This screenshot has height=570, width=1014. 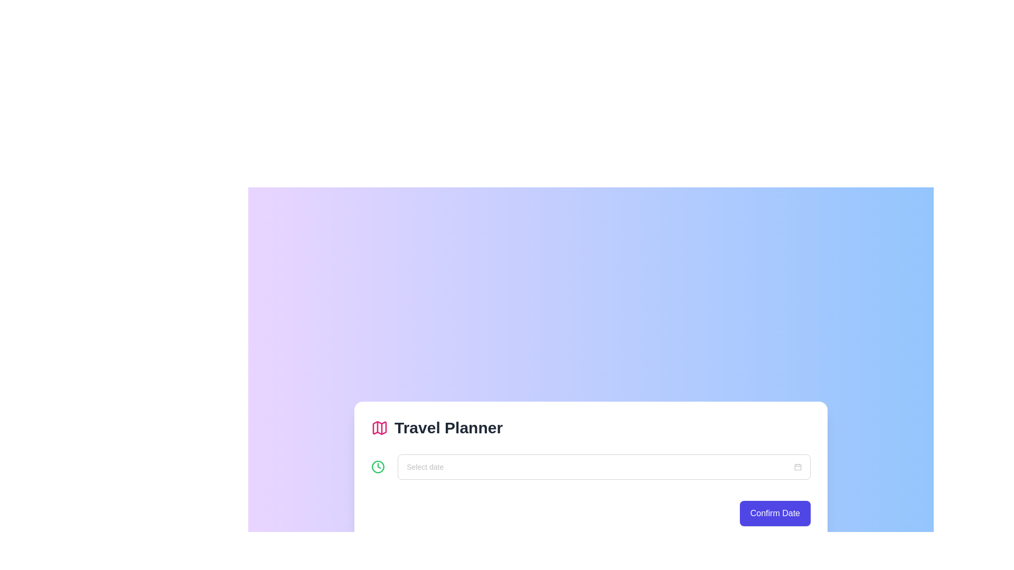 I want to click on the date-picker input field by tabbing to it, which is styled as a box with rounded borders and features a placeholder text 'Select date', so click(x=604, y=466).